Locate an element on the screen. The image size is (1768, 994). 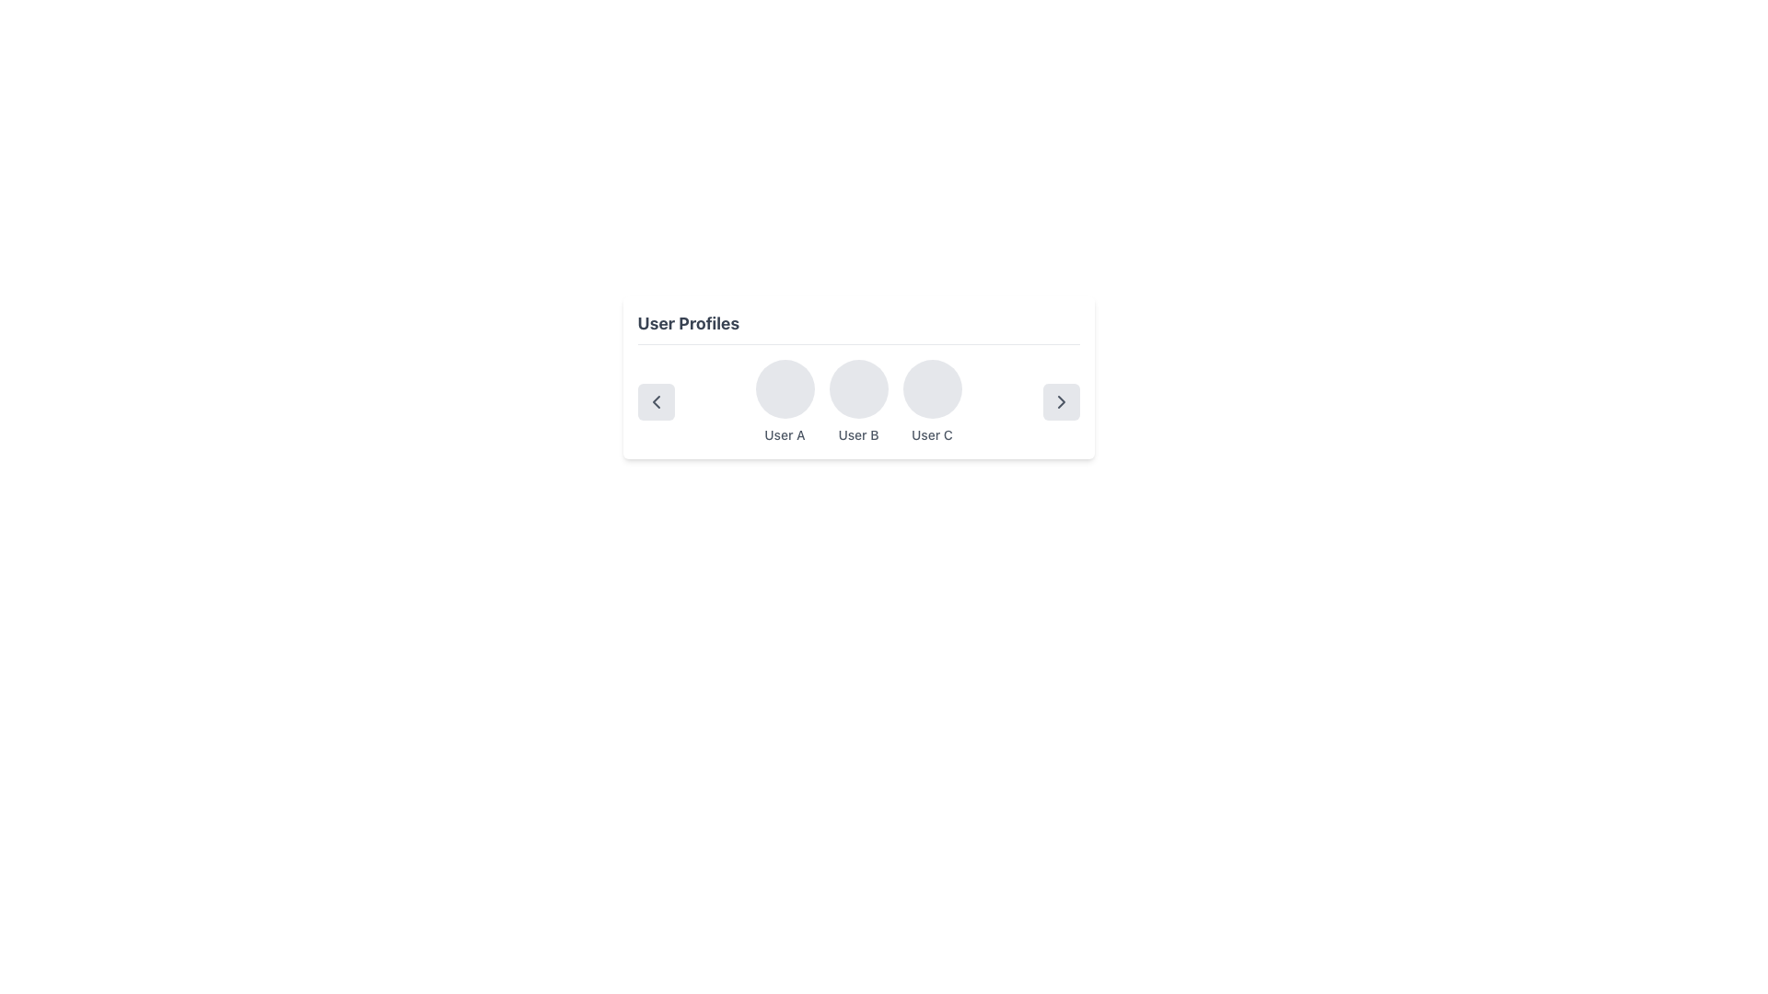
the right-pointing arrow icon, which is part of the navigation button in the user interface, located at the rightmost position of the horizontal navigation bar is located at coordinates (1061, 400).